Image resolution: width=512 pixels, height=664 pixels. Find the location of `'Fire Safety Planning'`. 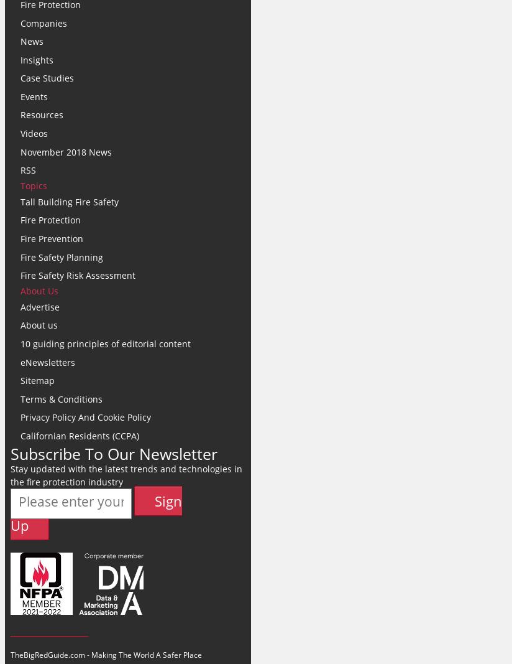

'Fire Safety Planning' is located at coordinates (19, 256).